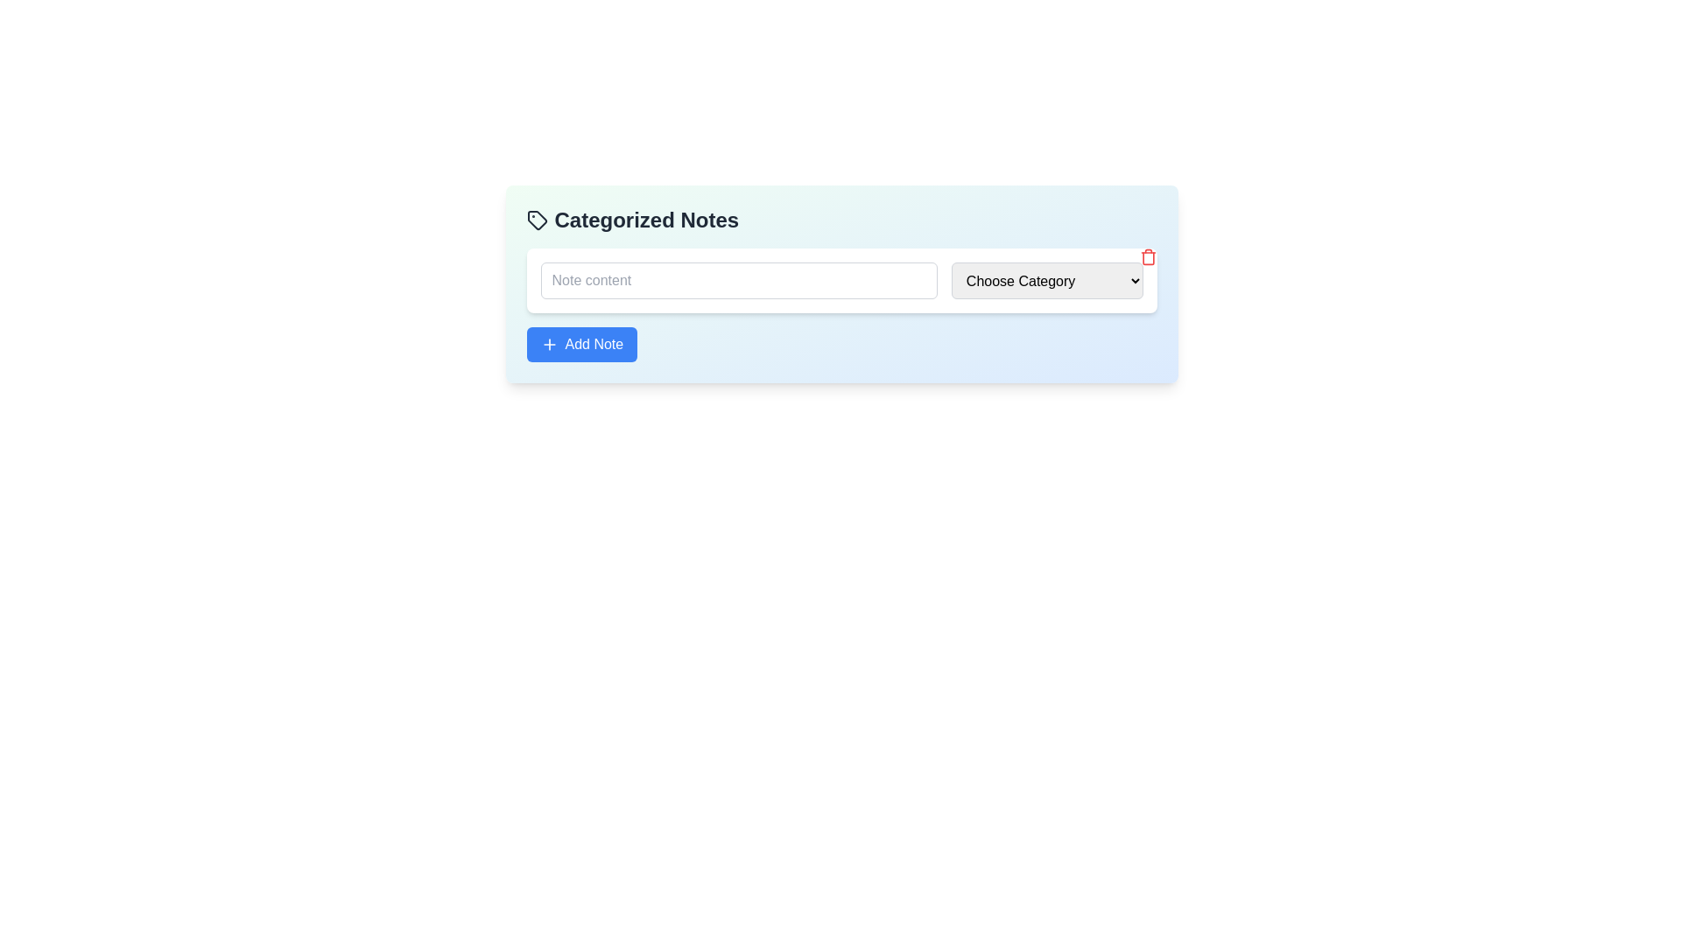  What do you see at coordinates (536, 219) in the screenshot?
I see `the tag icon located in the left margin of the UI header panel, directly in front of the 'Categorized Notes' heading text` at bounding box center [536, 219].